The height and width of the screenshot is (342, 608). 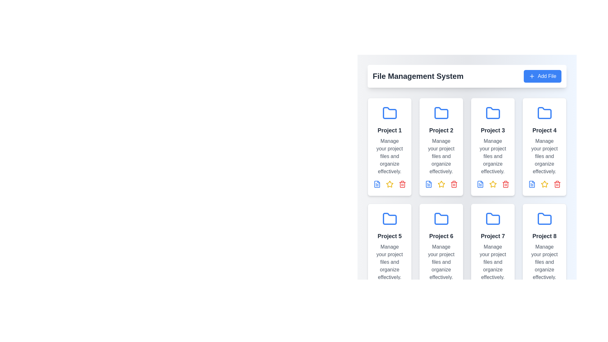 What do you see at coordinates (428, 184) in the screenshot?
I see `the 'view' or 'details' icon located at the top-left of the action icons under Project 2 card` at bounding box center [428, 184].